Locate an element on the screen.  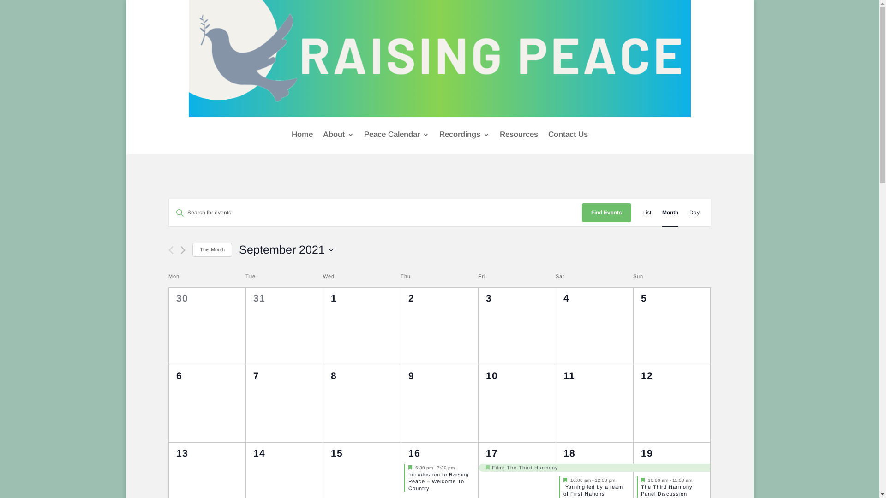
'September 2021' is located at coordinates (286, 250).